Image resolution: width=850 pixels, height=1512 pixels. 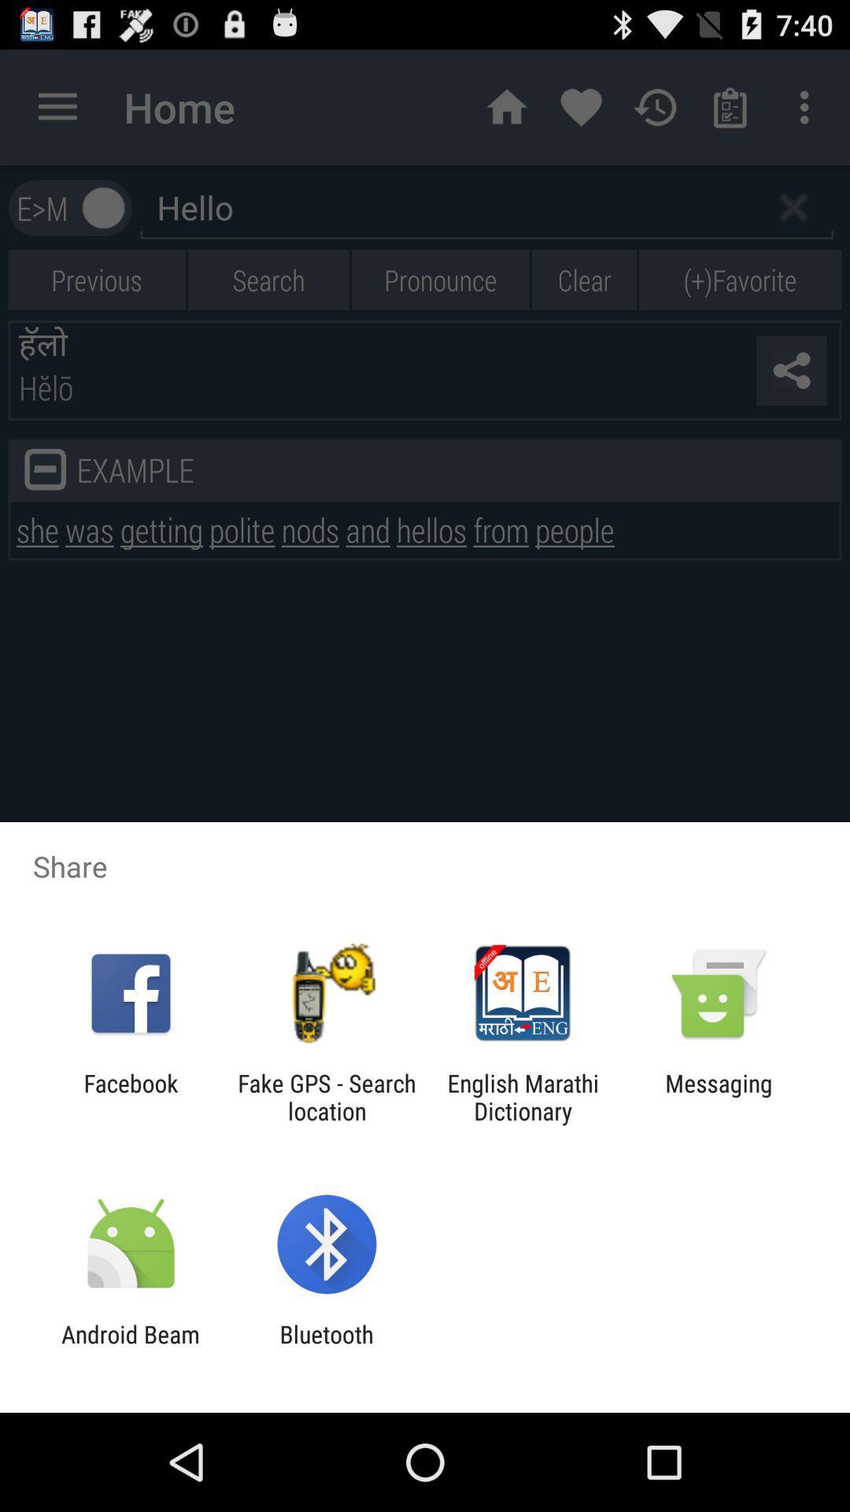 I want to click on messaging app, so click(x=719, y=1096).